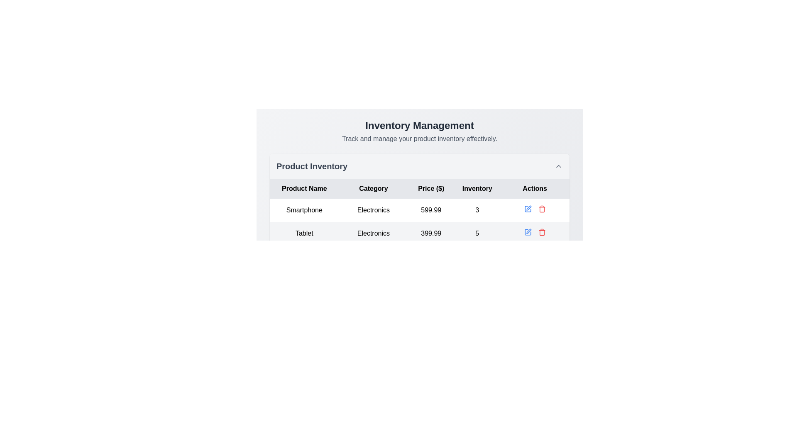 The height and width of the screenshot is (448, 797). I want to click on the content displayed in the table cell under the 'Price ($)' column in the 'Product Inventory' table, specifically in the second row, third column, so click(420, 234).